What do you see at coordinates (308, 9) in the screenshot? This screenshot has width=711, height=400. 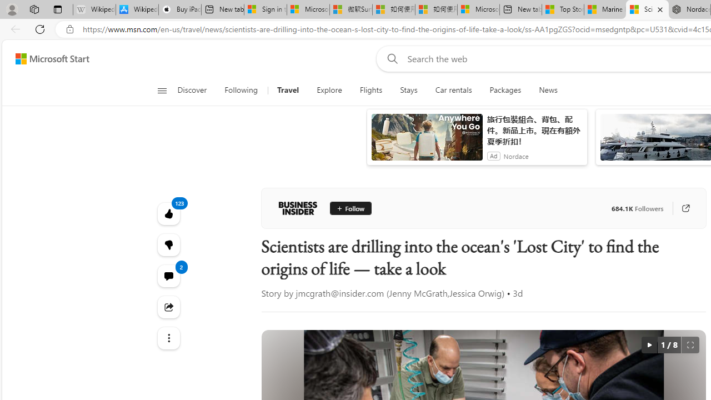 I see `'Microsoft Services Agreement'` at bounding box center [308, 9].